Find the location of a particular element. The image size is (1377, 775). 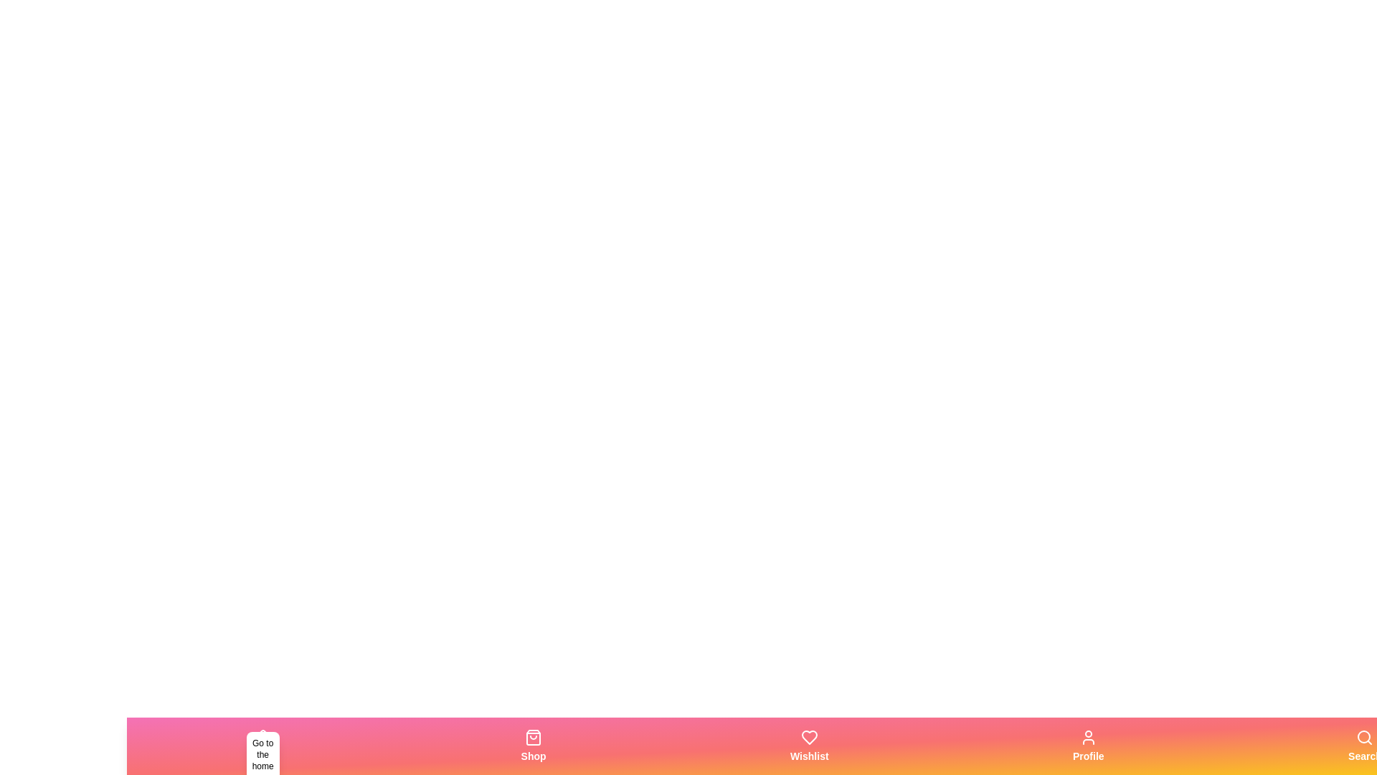

the Shop tab in the bottom navigation bar is located at coordinates (533, 746).